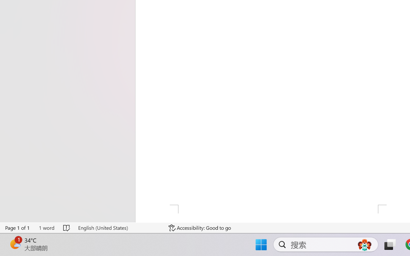 Image resolution: width=410 pixels, height=256 pixels. What do you see at coordinates (365, 244) in the screenshot?
I see `'AutomationID: DynamicSearchBoxGleamImage'` at bounding box center [365, 244].